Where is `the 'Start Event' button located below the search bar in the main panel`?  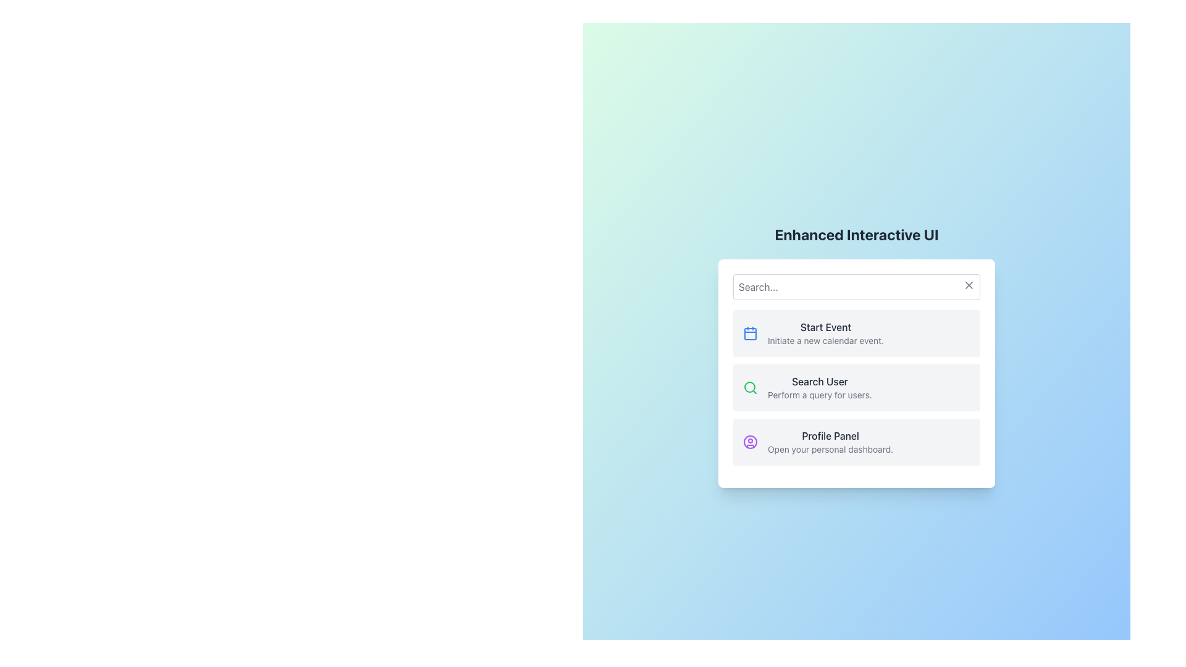
the 'Start Event' button located below the search bar in the main panel is located at coordinates (856, 333).